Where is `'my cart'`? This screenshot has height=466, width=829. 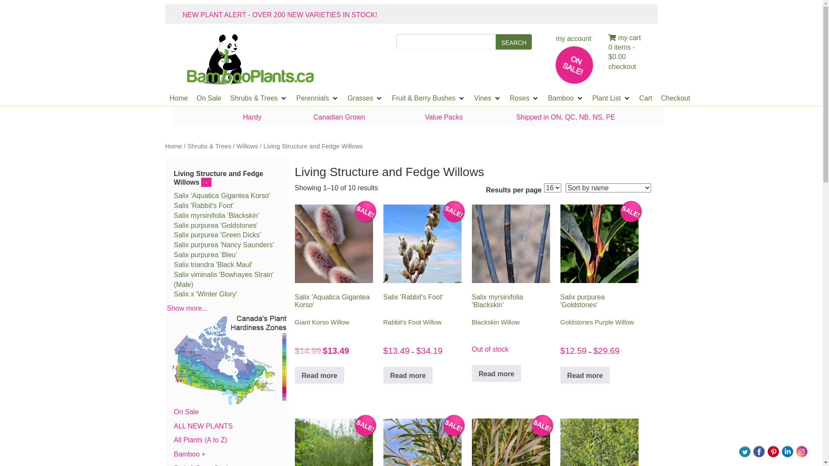
'my cart' is located at coordinates (608, 37).